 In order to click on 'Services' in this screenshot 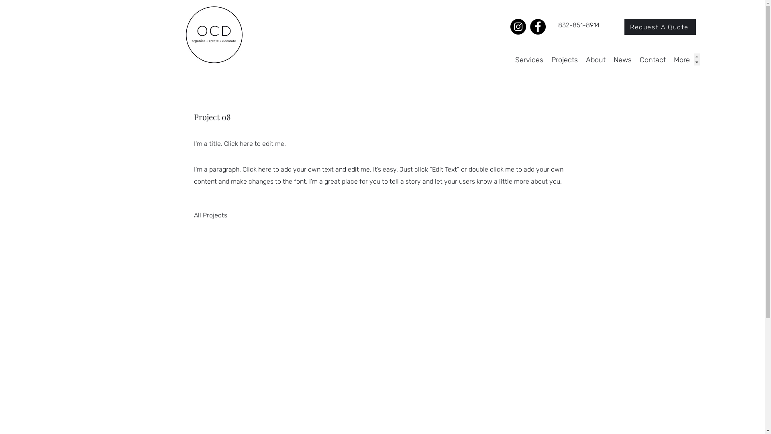, I will do `click(529, 59)`.